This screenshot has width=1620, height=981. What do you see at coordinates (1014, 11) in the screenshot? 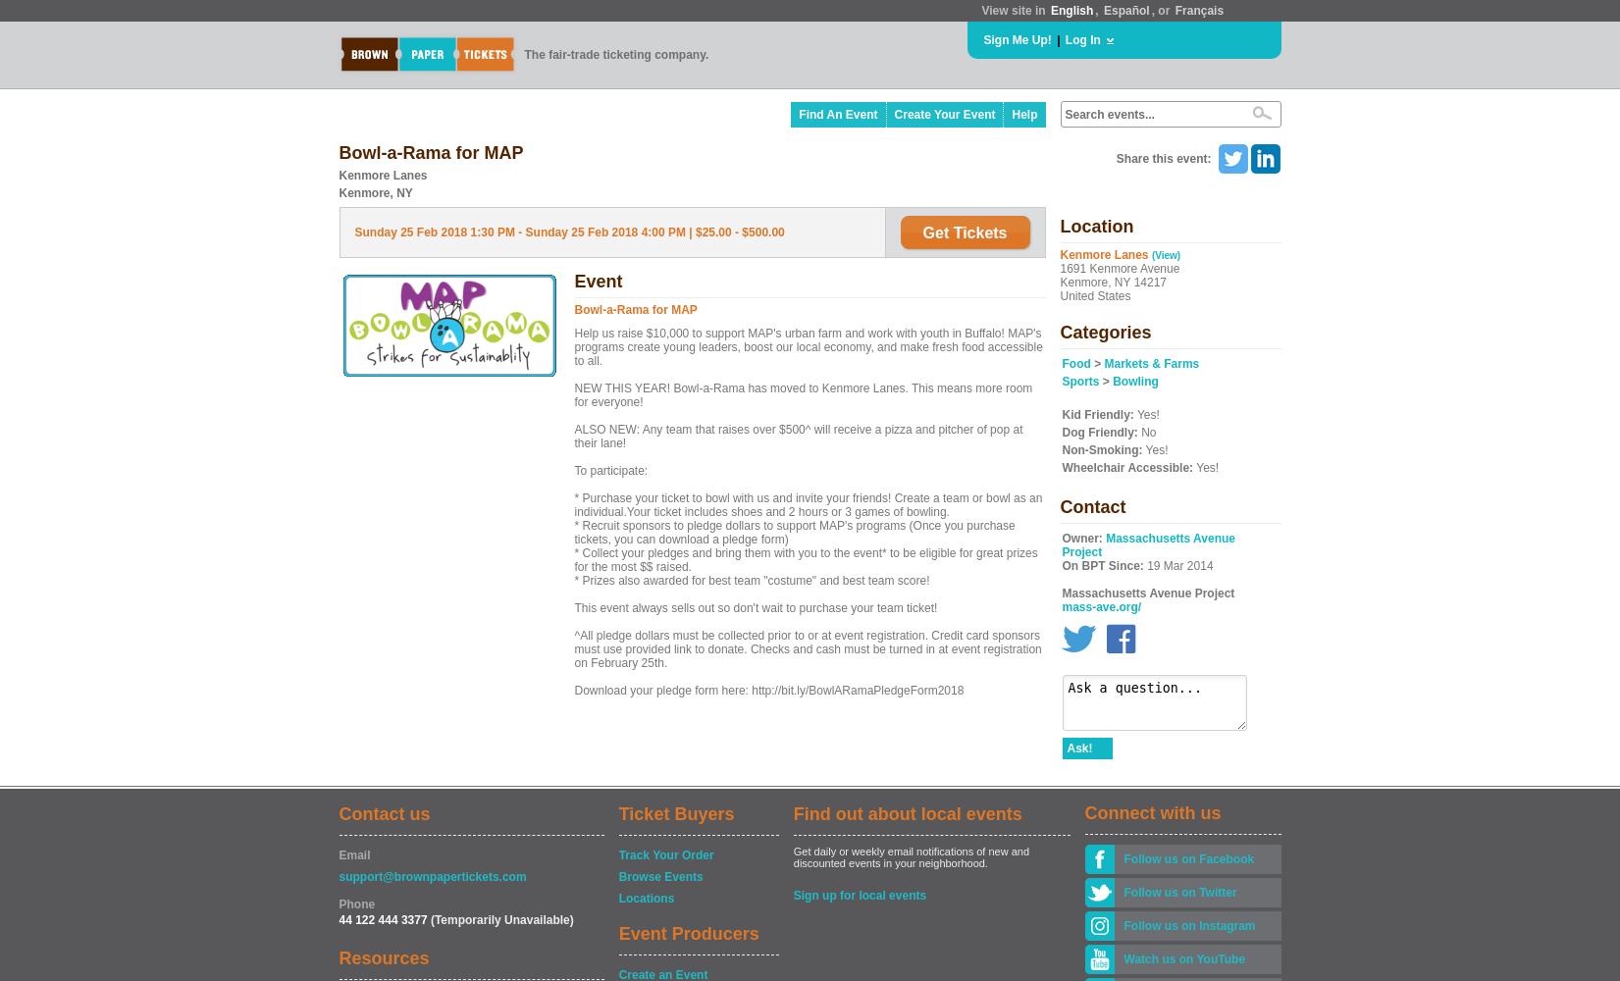
I see `'View site in'` at bounding box center [1014, 11].